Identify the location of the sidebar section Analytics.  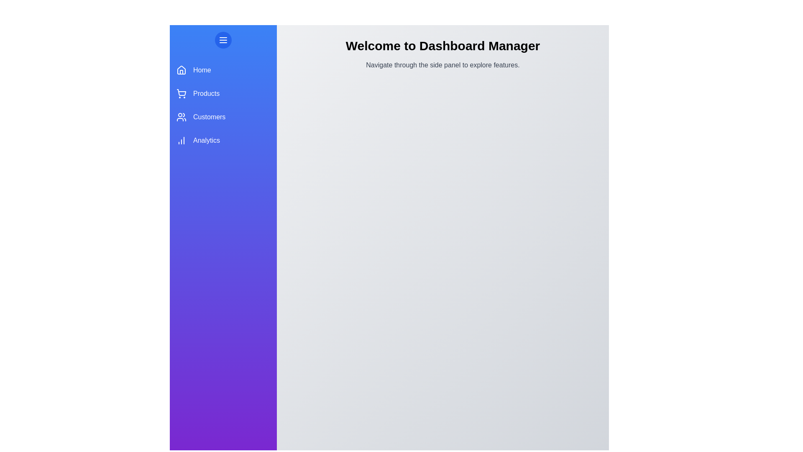
(223, 140).